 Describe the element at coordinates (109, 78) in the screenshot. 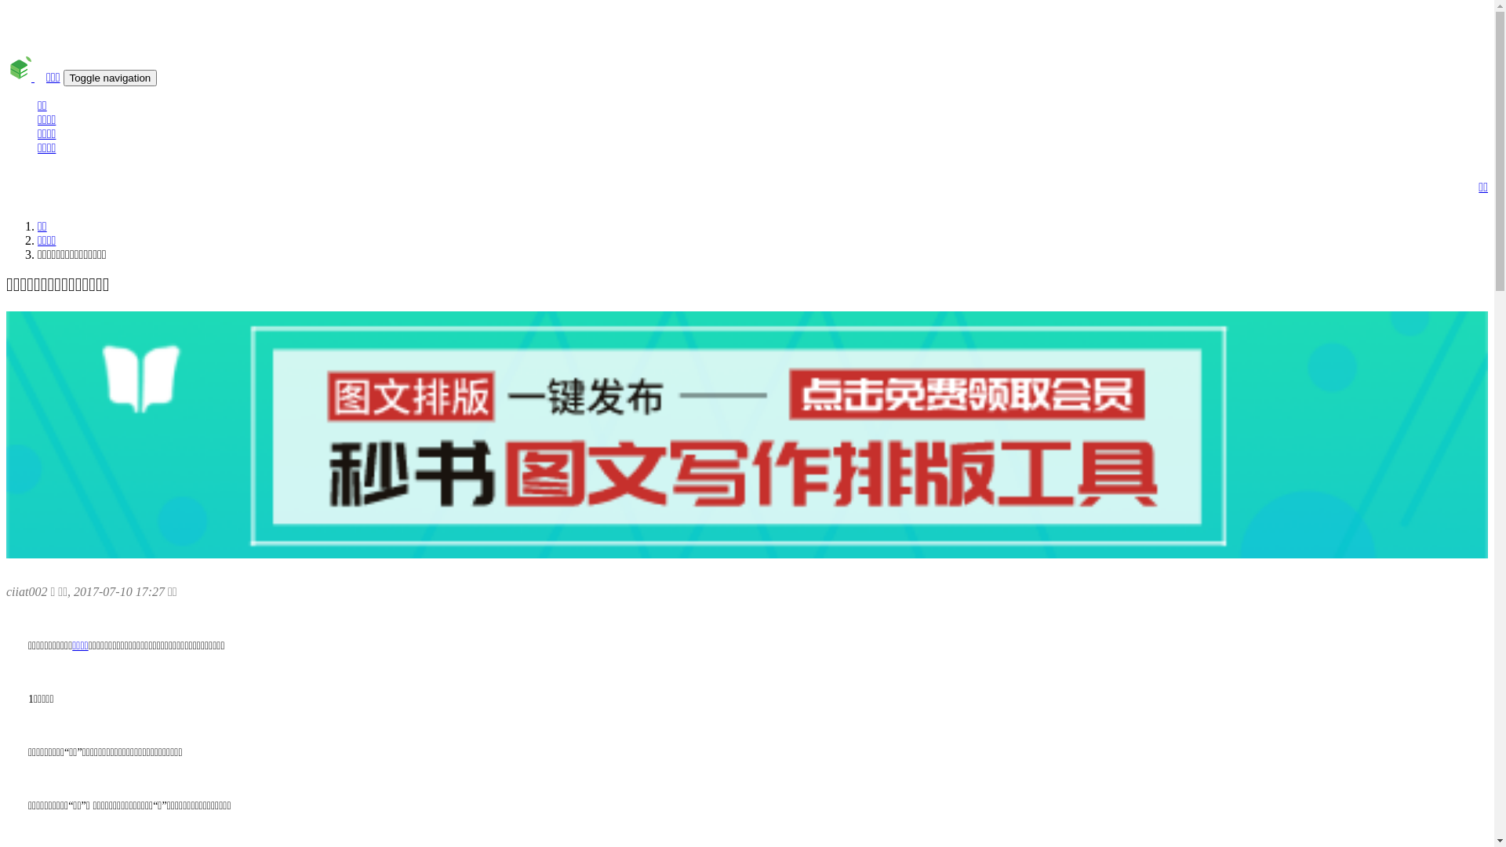

I see `'Toggle navigation'` at that location.